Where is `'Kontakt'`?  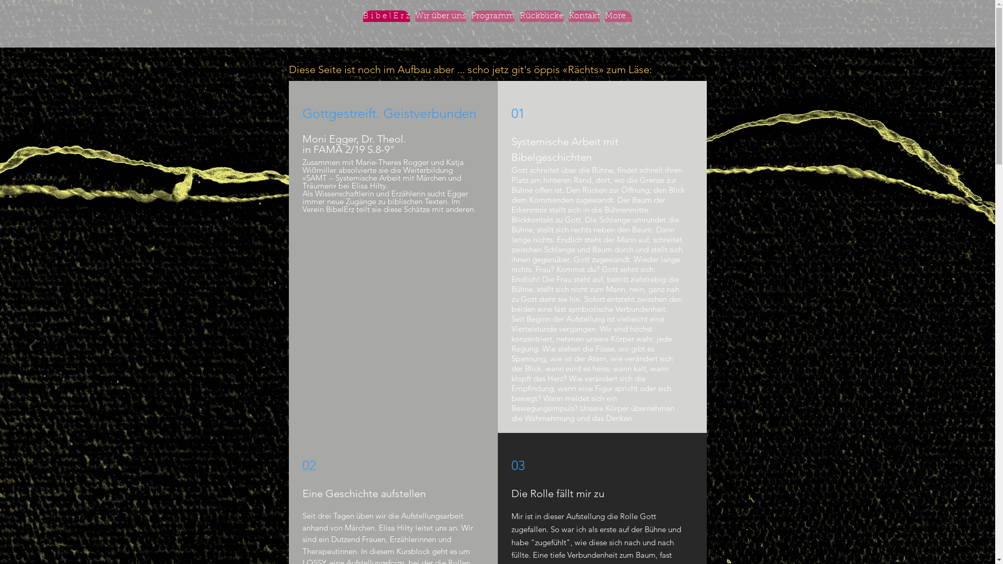 'Kontakt' is located at coordinates (584, 28).